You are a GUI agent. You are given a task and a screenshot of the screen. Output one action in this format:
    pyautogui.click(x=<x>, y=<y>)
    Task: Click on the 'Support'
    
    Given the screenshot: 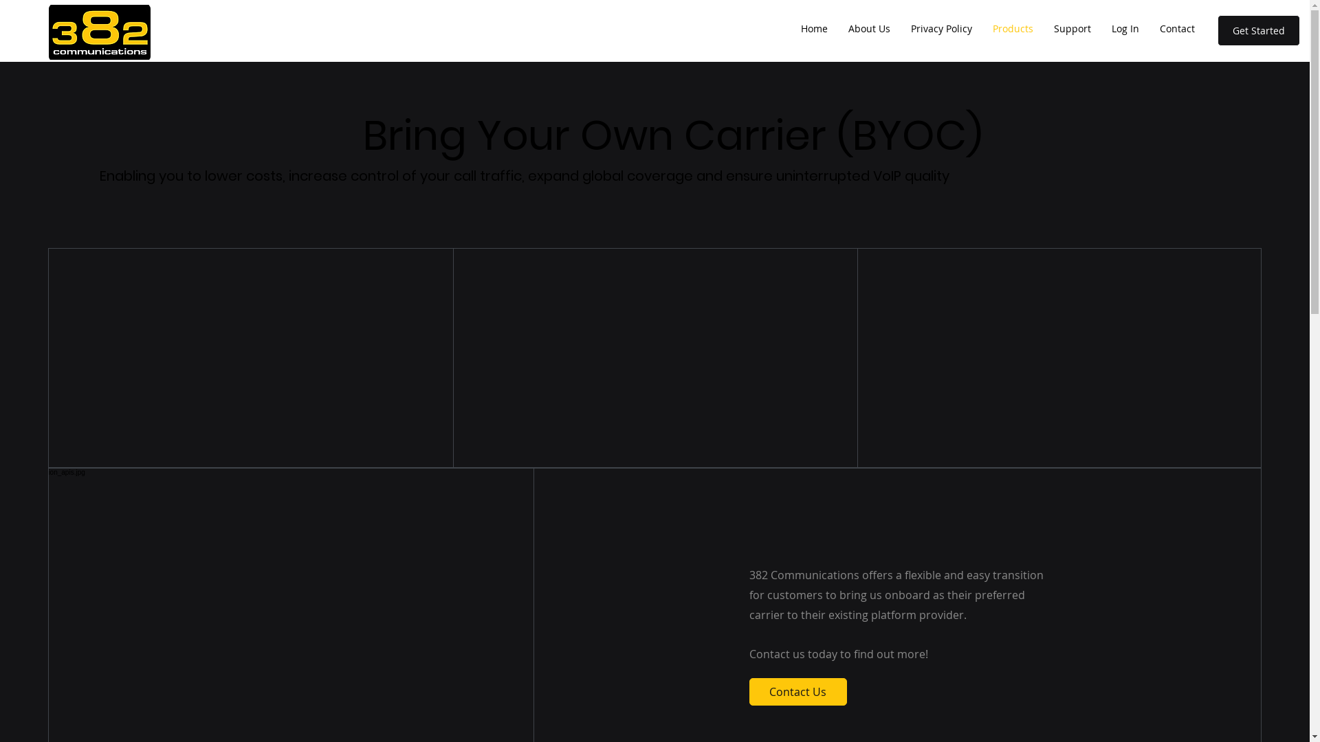 What is the action you would take?
    pyautogui.click(x=1072, y=29)
    